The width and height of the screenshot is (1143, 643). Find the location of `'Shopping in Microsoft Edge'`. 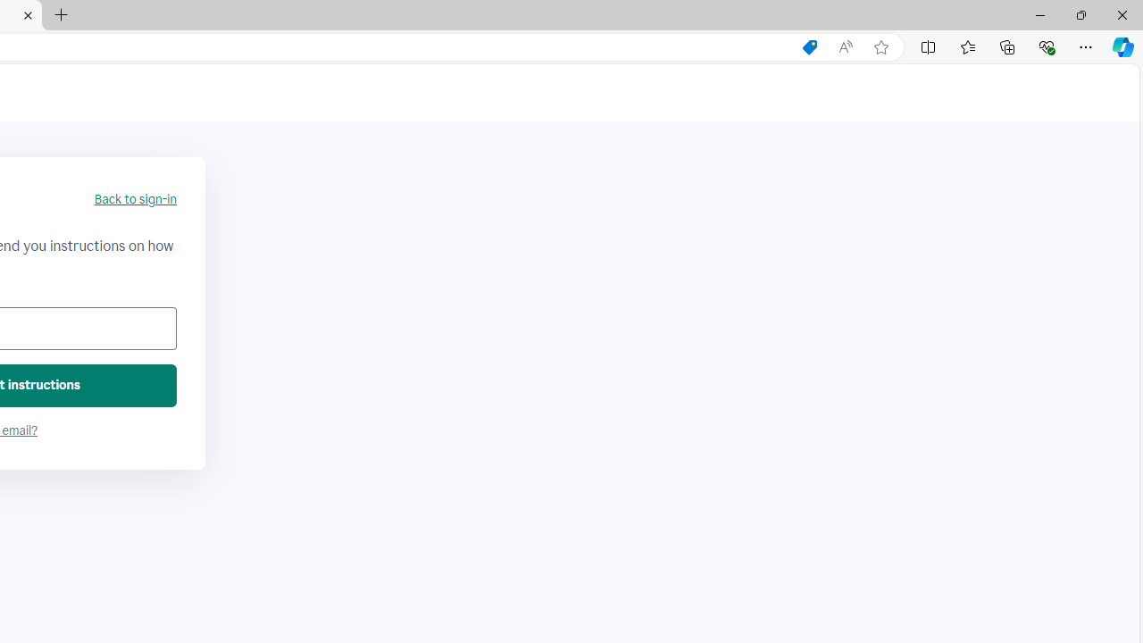

'Shopping in Microsoft Edge' is located at coordinates (808, 46).